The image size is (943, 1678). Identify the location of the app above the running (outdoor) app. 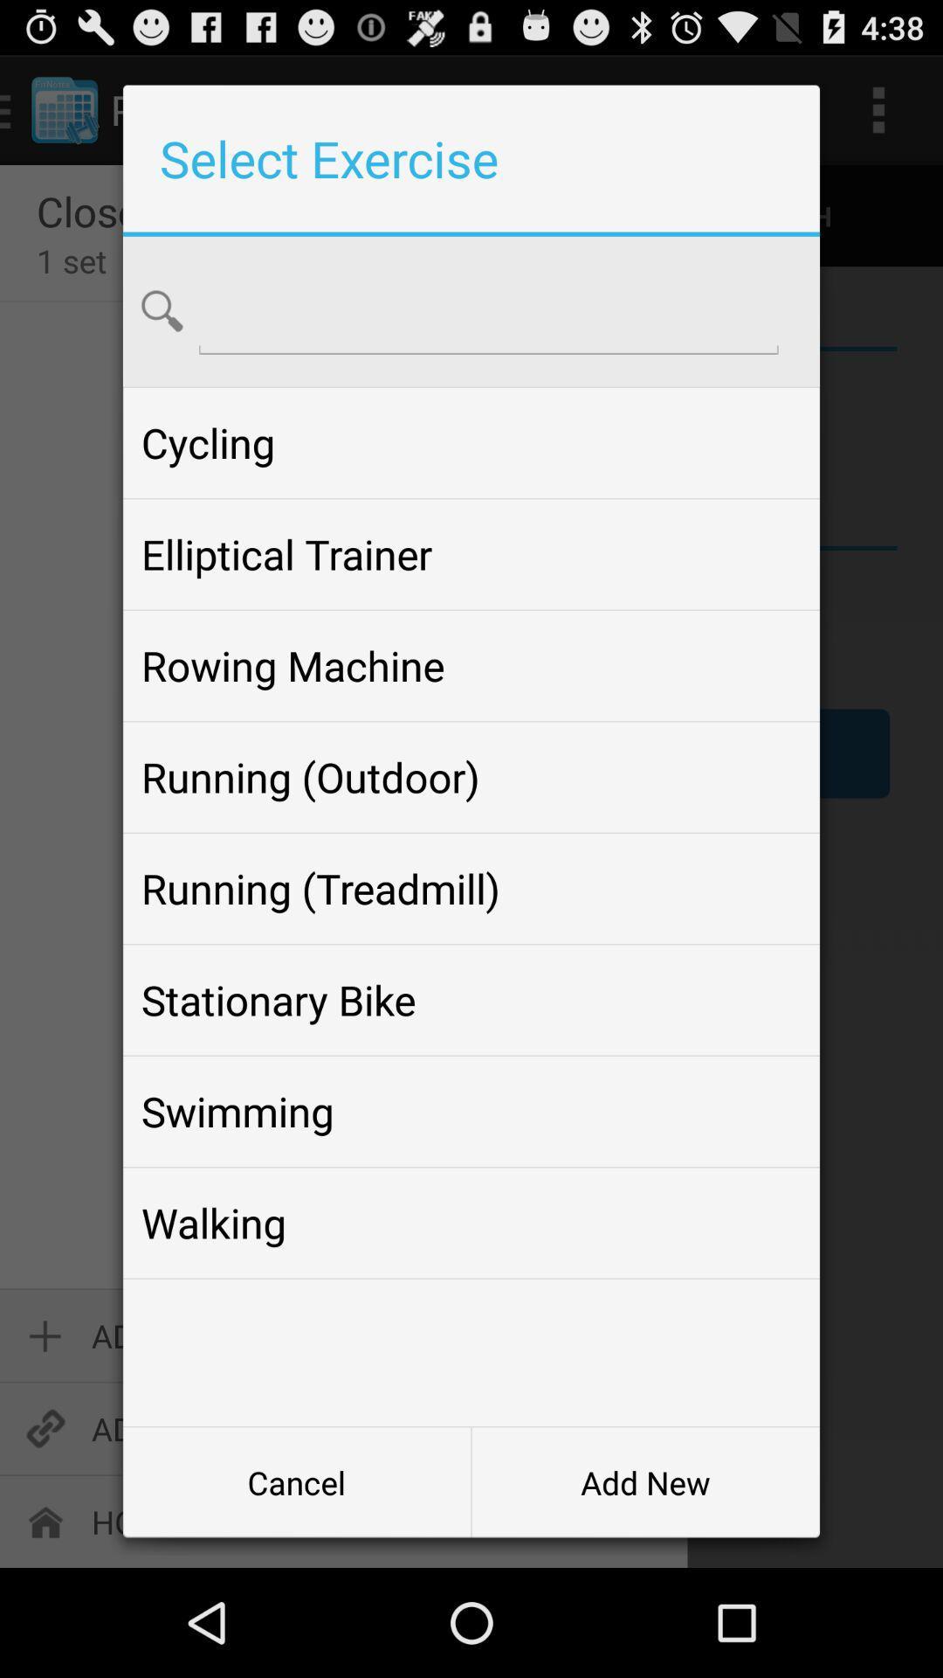
(471, 665).